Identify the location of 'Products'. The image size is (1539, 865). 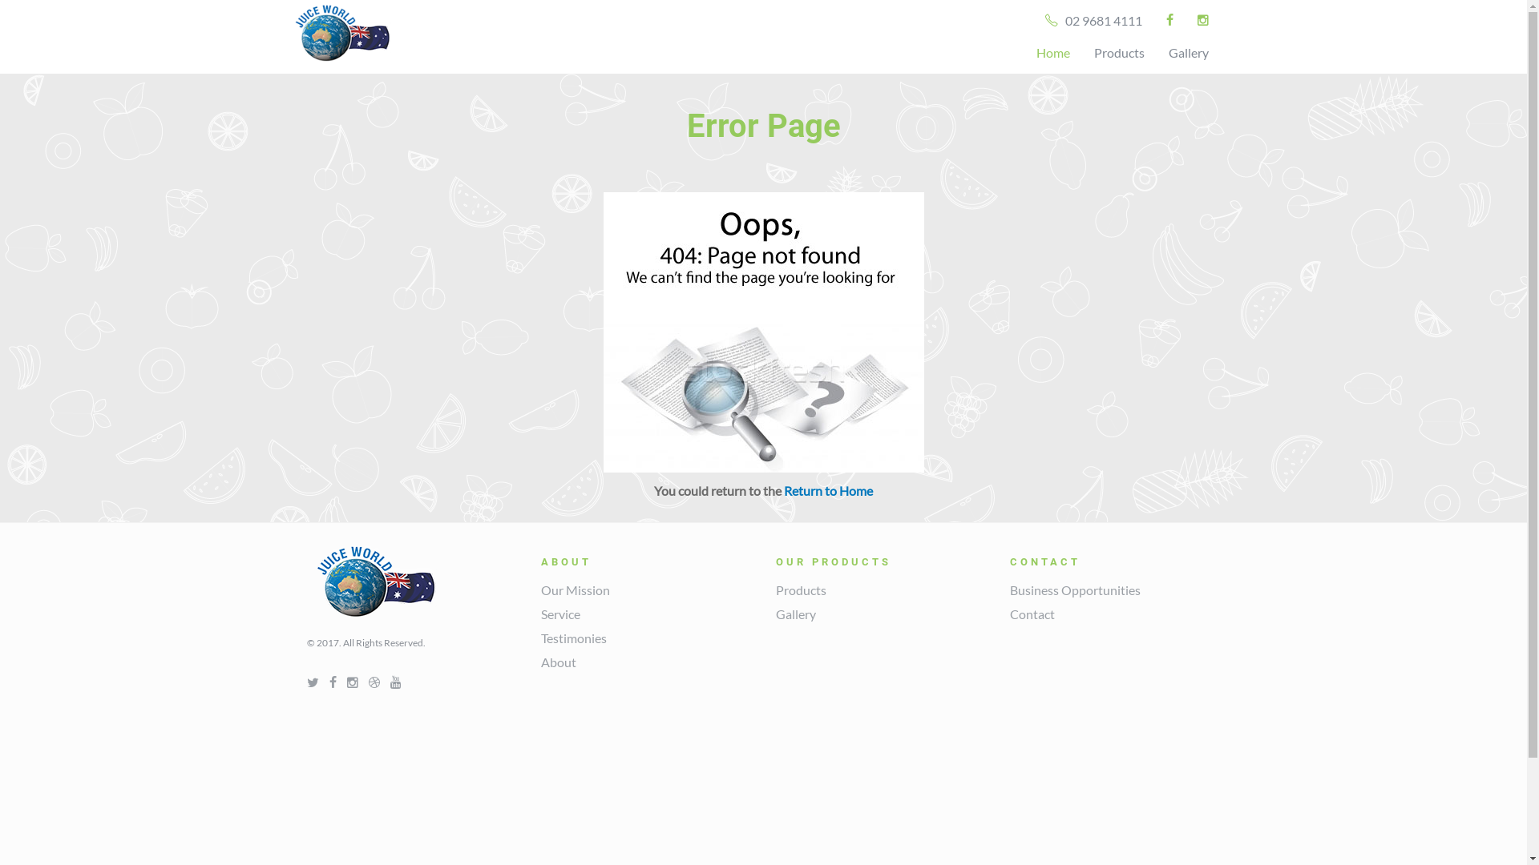
(1118, 51).